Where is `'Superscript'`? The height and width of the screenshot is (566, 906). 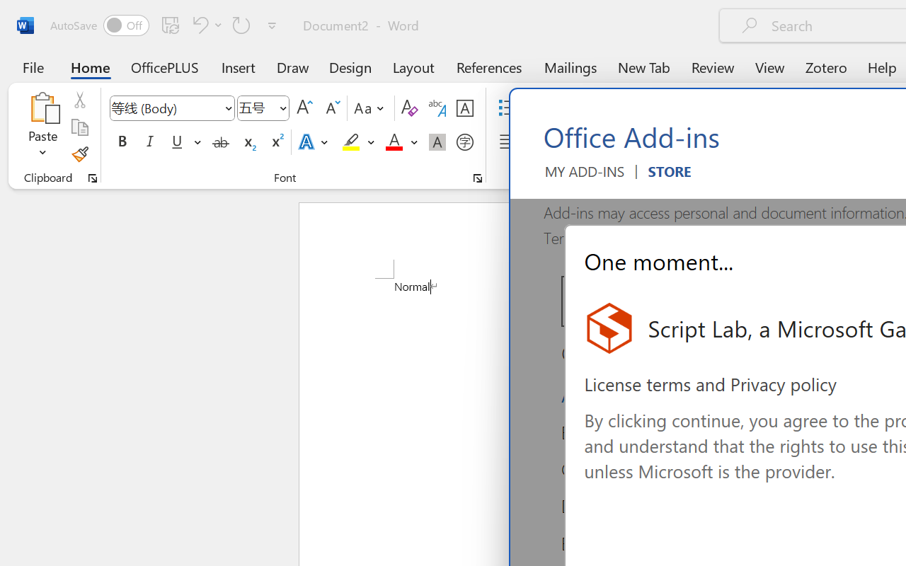 'Superscript' is located at coordinates (276, 142).